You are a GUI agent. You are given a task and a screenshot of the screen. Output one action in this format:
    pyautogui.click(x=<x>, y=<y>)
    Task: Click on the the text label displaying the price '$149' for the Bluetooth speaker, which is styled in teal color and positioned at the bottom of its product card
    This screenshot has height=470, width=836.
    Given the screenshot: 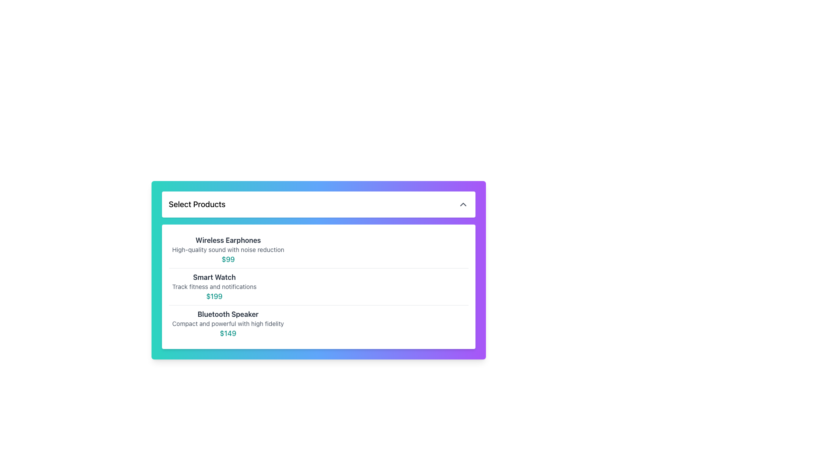 What is the action you would take?
    pyautogui.click(x=228, y=333)
    